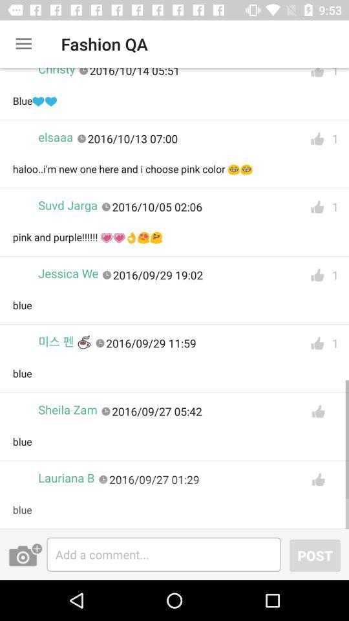  What do you see at coordinates (68, 274) in the screenshot?
I see `the jessica we item` at bounding box center [68, 274].